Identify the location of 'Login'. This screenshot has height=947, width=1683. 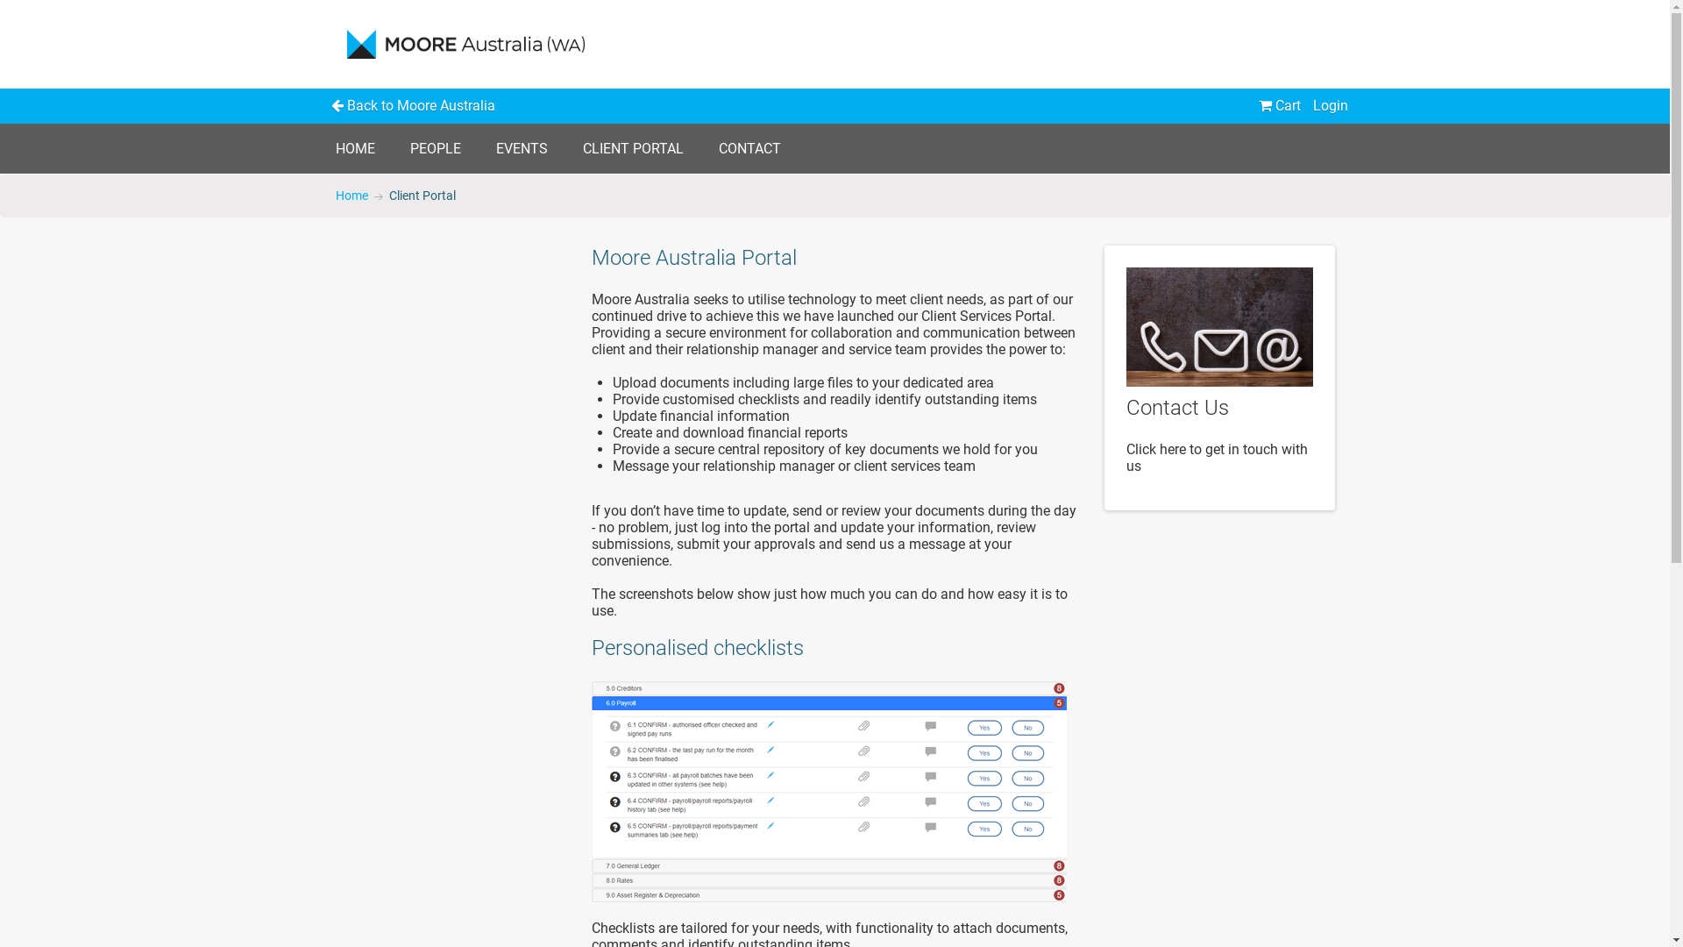
(1330, 105).